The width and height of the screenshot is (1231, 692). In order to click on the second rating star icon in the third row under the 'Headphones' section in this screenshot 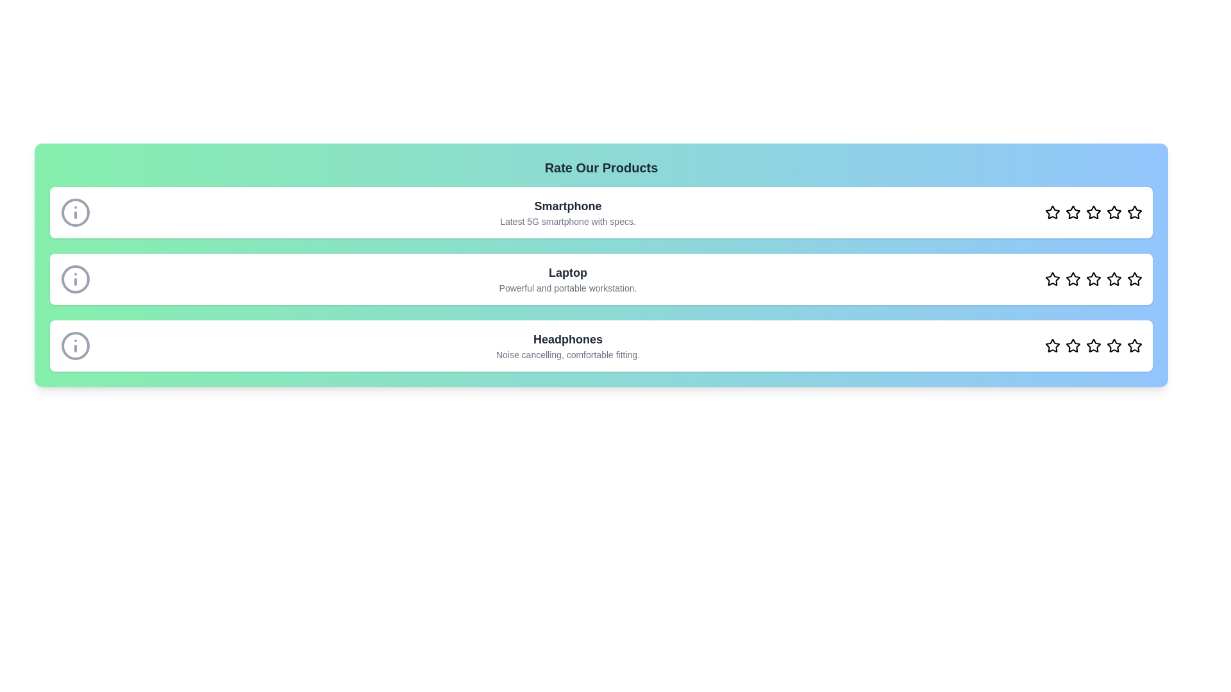, I will do `click(1073, 346)`.